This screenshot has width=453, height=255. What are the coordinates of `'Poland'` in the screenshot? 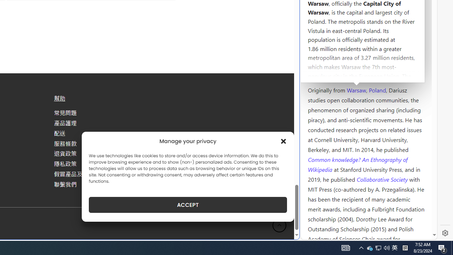 It's located at (377, 89).